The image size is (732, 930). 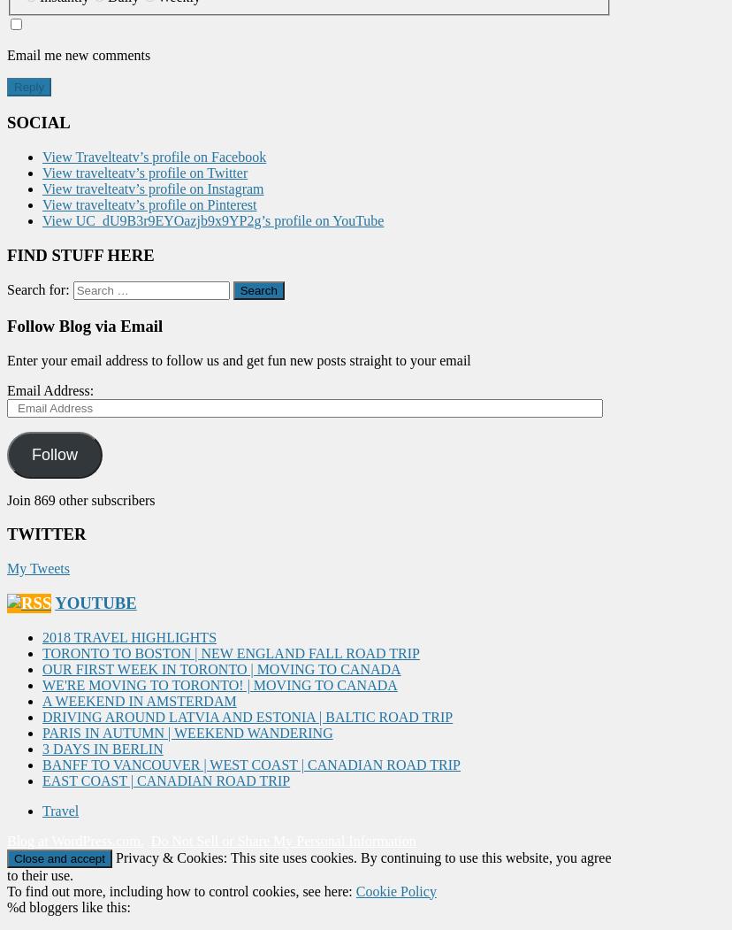 What do you see at coordinates (75, 839) in the screenshot?
I see `'Blog at WordPress.com.'` at bounding box center [75, 839].